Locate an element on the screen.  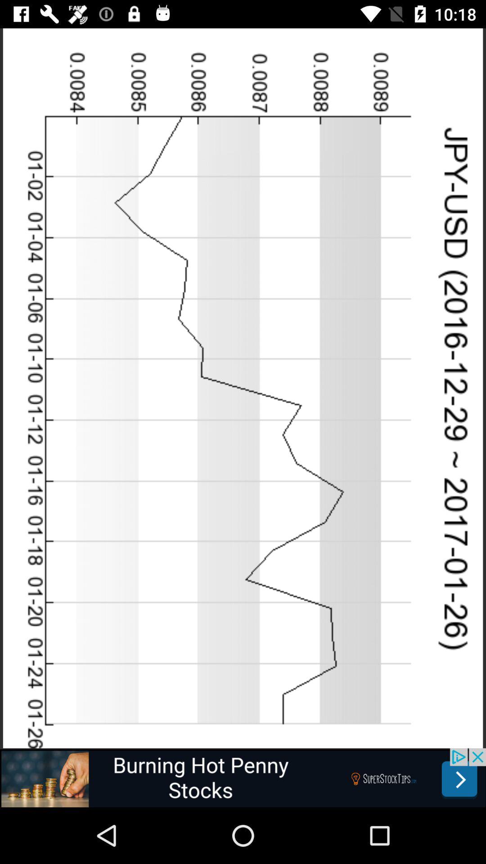
goes to advertiser 's website is located at coordinates (243, 777).